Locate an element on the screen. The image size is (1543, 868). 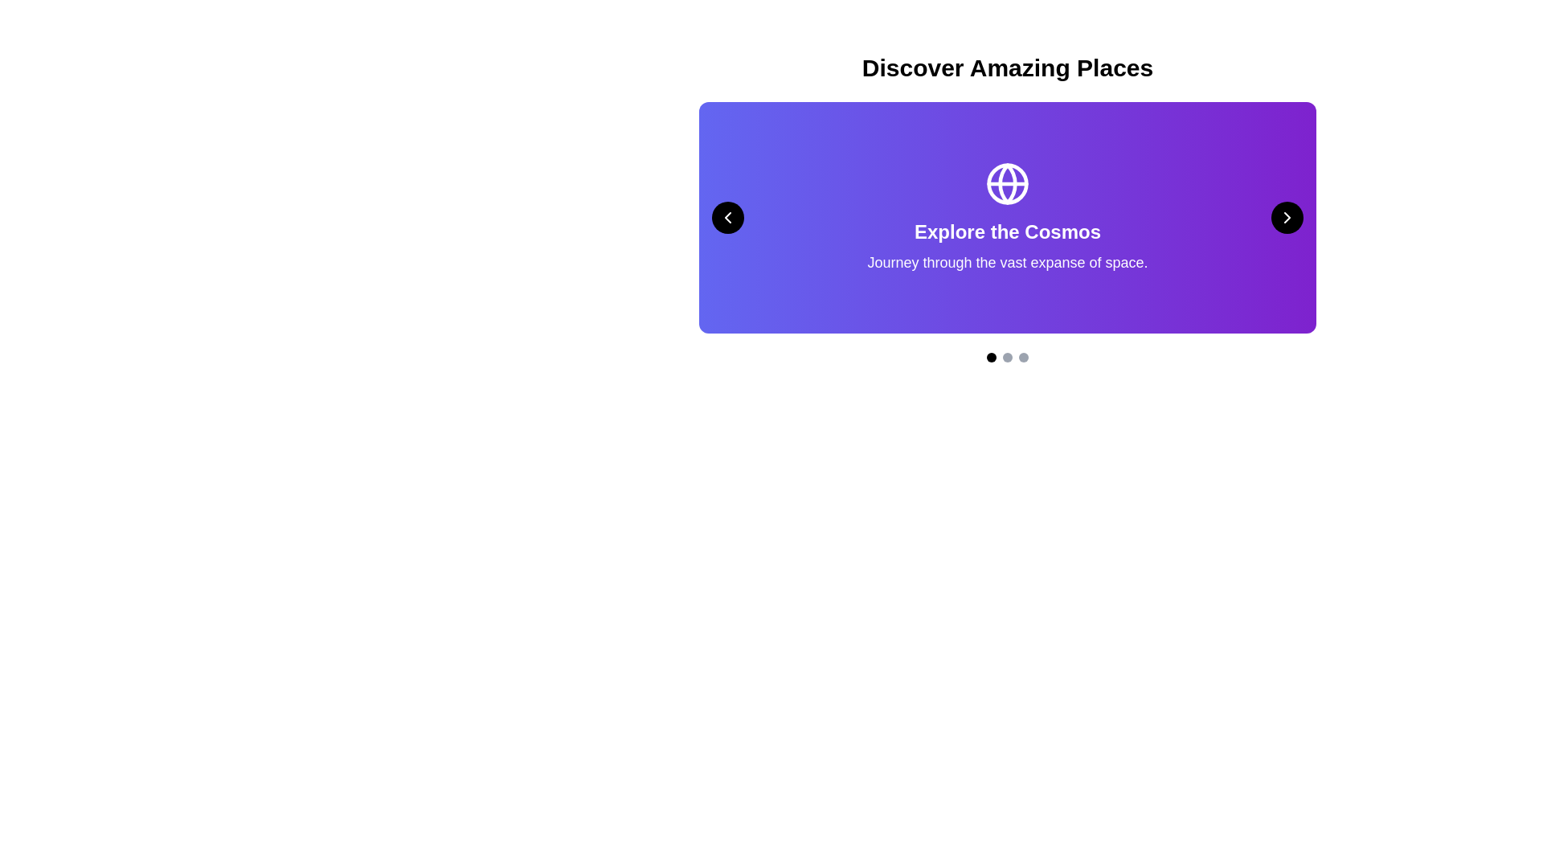
the Pagination indicator is located at coordinates (1006, 356).